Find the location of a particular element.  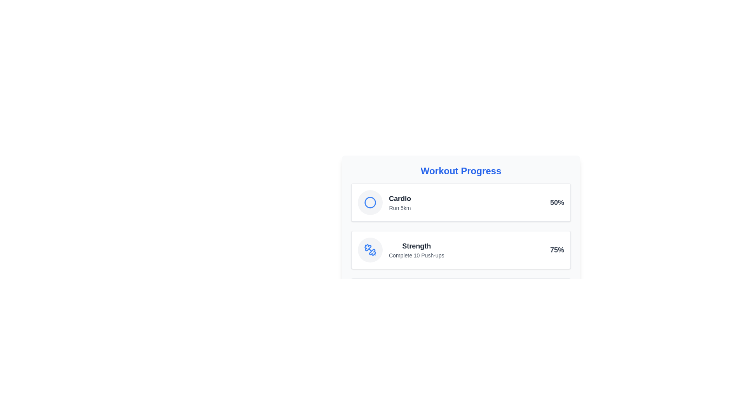

the blue SVG graphic icon depicting intertwined curves located in the left-side icon area beside the text 'Strength' in the workout progress card is located at coordinates (372, 252).